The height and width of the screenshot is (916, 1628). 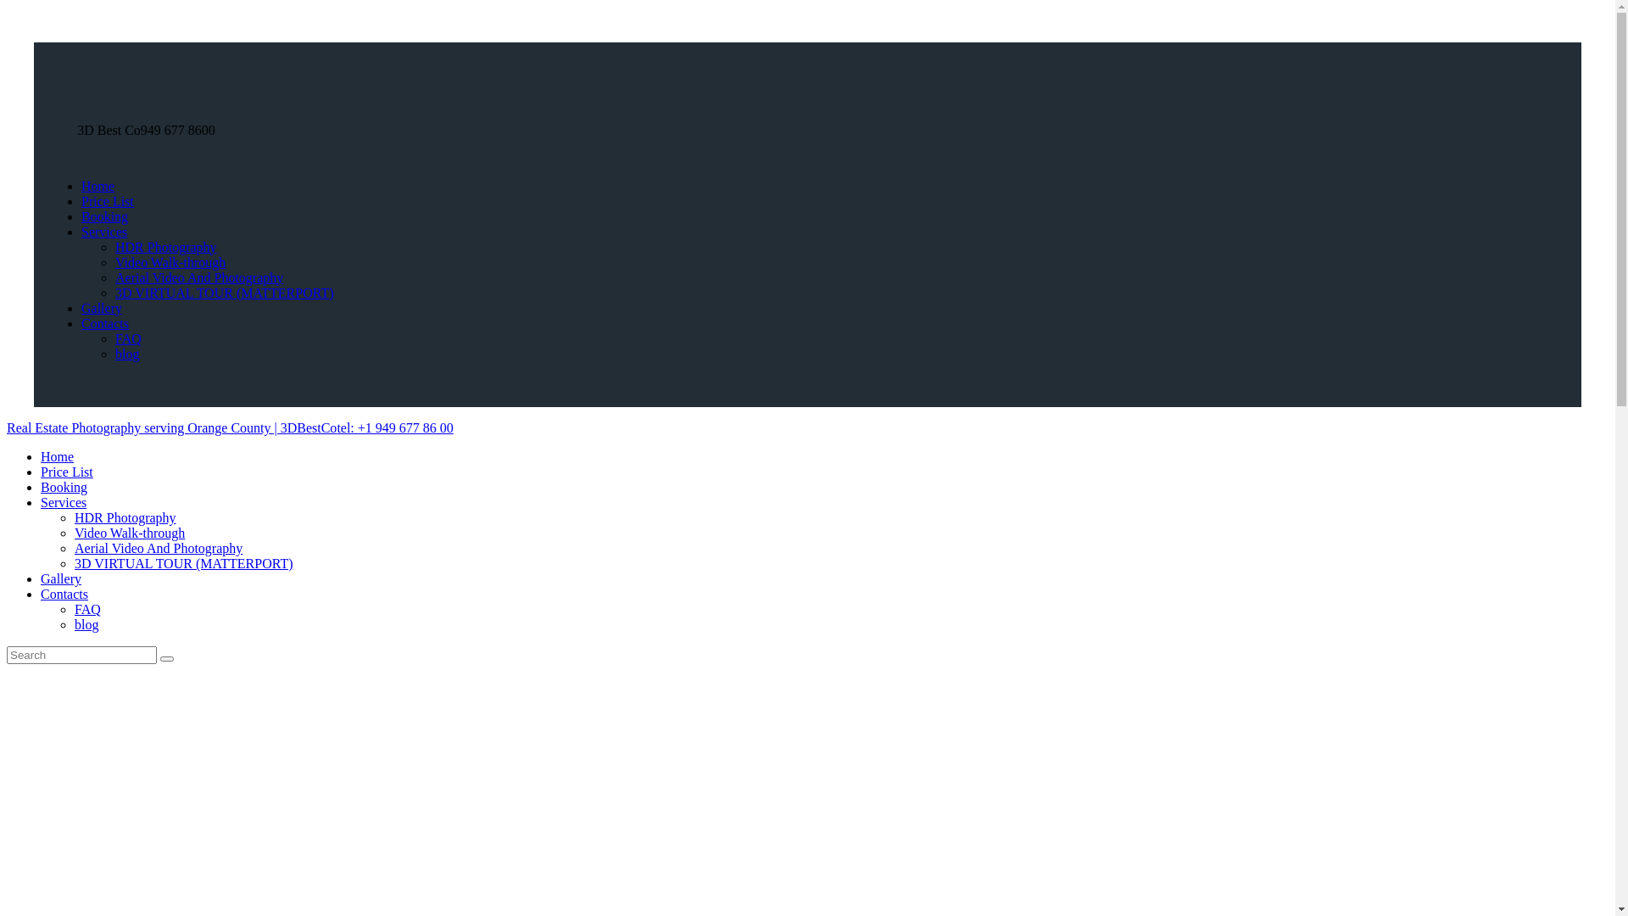 What do you see at coordinates (199, 276) in the screenshot?
I see `'Aerial Video And Photography'` at bounding box center [199, 276].